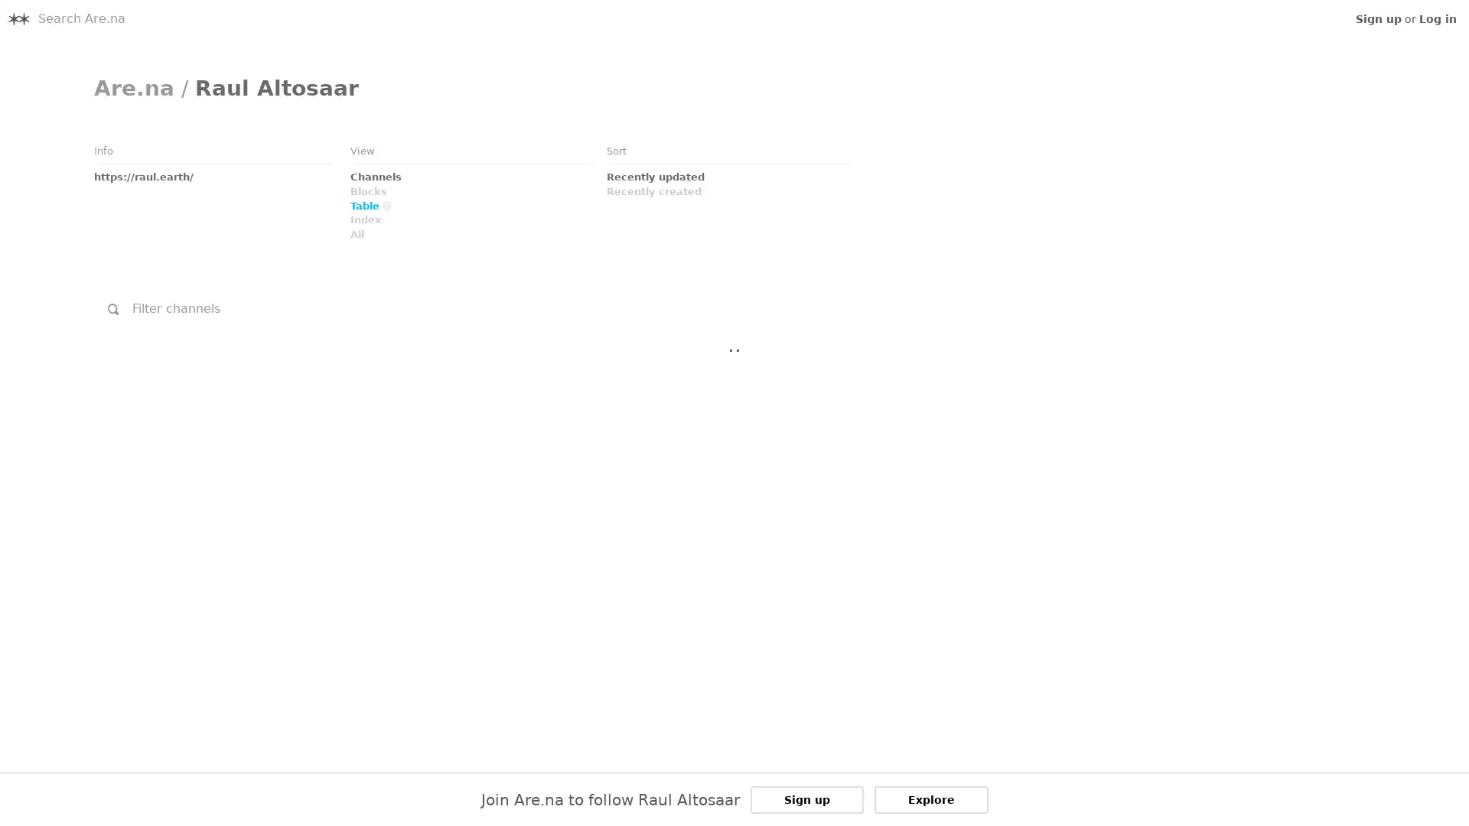  Describe the element at coordinates (469, 455) in the screenshot. I see `Link to Embed: Zimoun : 25 woodworms, wood, microphone, sound system, 2009` at that location.